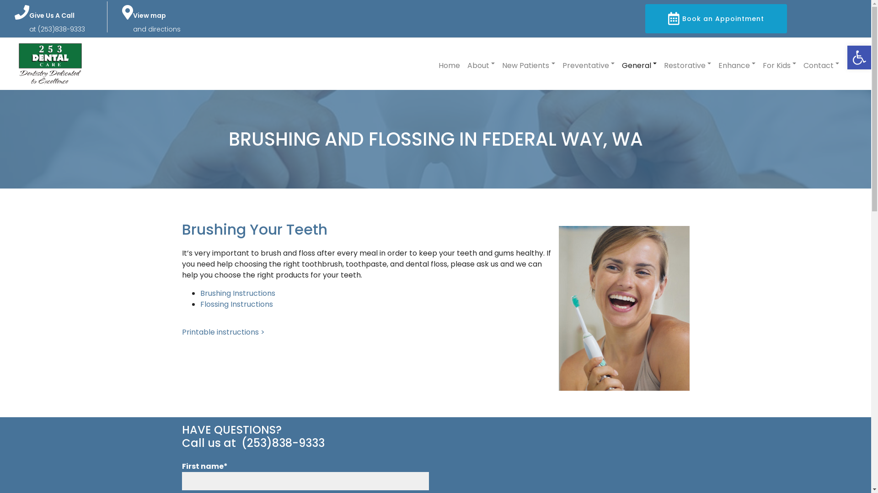 This screenshot has height=493, width=878. I want to click on 'View map, so click(133, 22).